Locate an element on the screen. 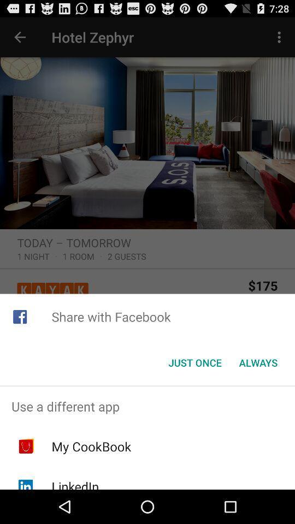  the linkedin is located at coordinates (74, 483).